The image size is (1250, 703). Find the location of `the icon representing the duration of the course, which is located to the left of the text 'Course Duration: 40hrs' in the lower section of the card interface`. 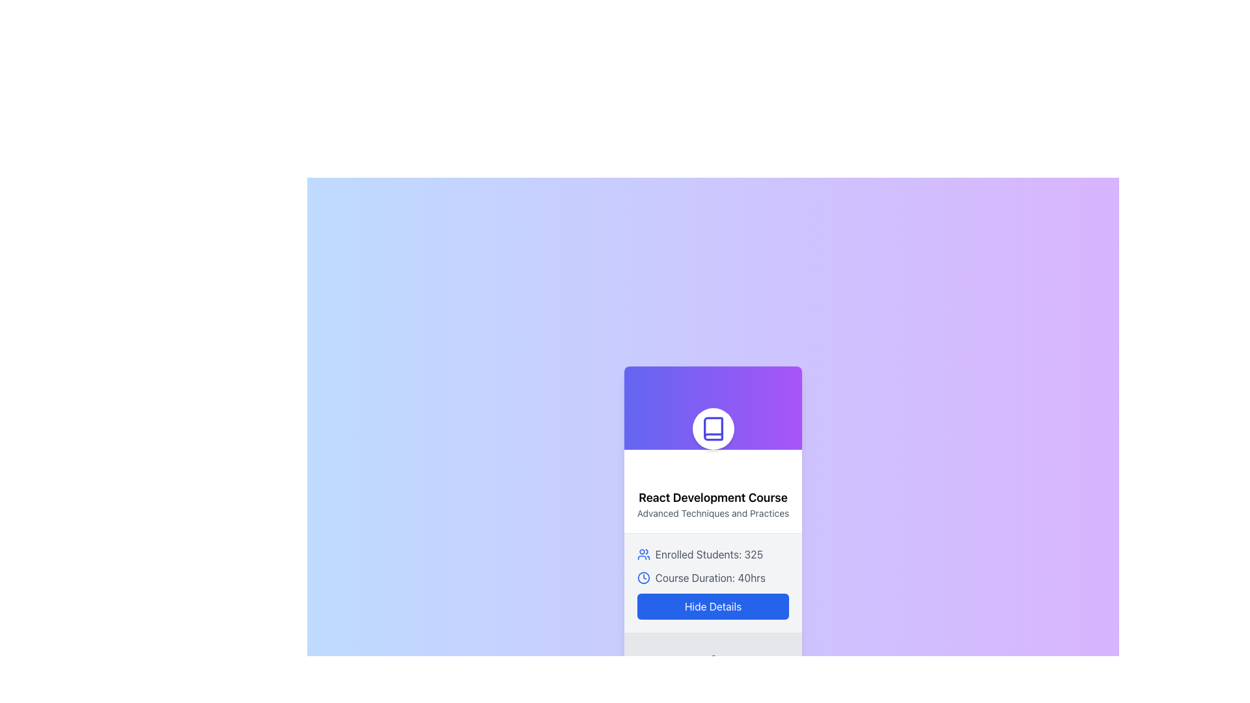

the icon representing the duration of the course, which is located to the left of the text 'Course Duration: 40hrs' in the lower section of the card interface is located at coordinates (643, 577).